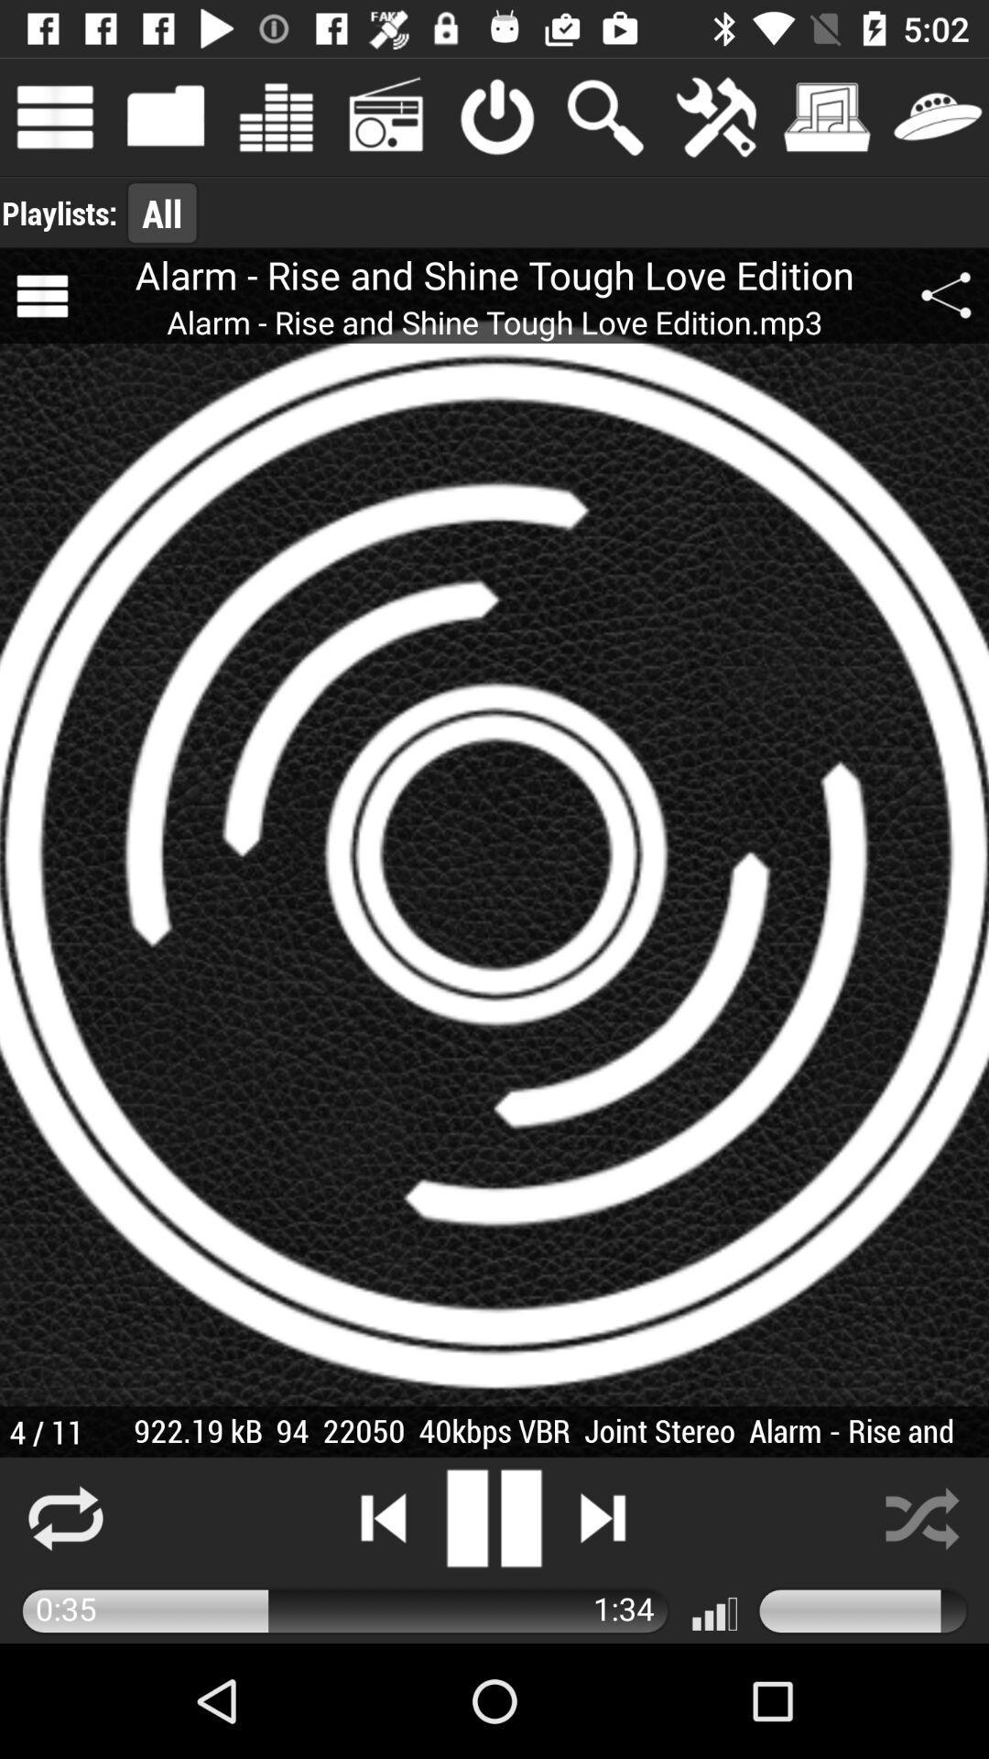  Describe the element at coordinates (161, 213) in the screenshot. I see `the   all` at that location.